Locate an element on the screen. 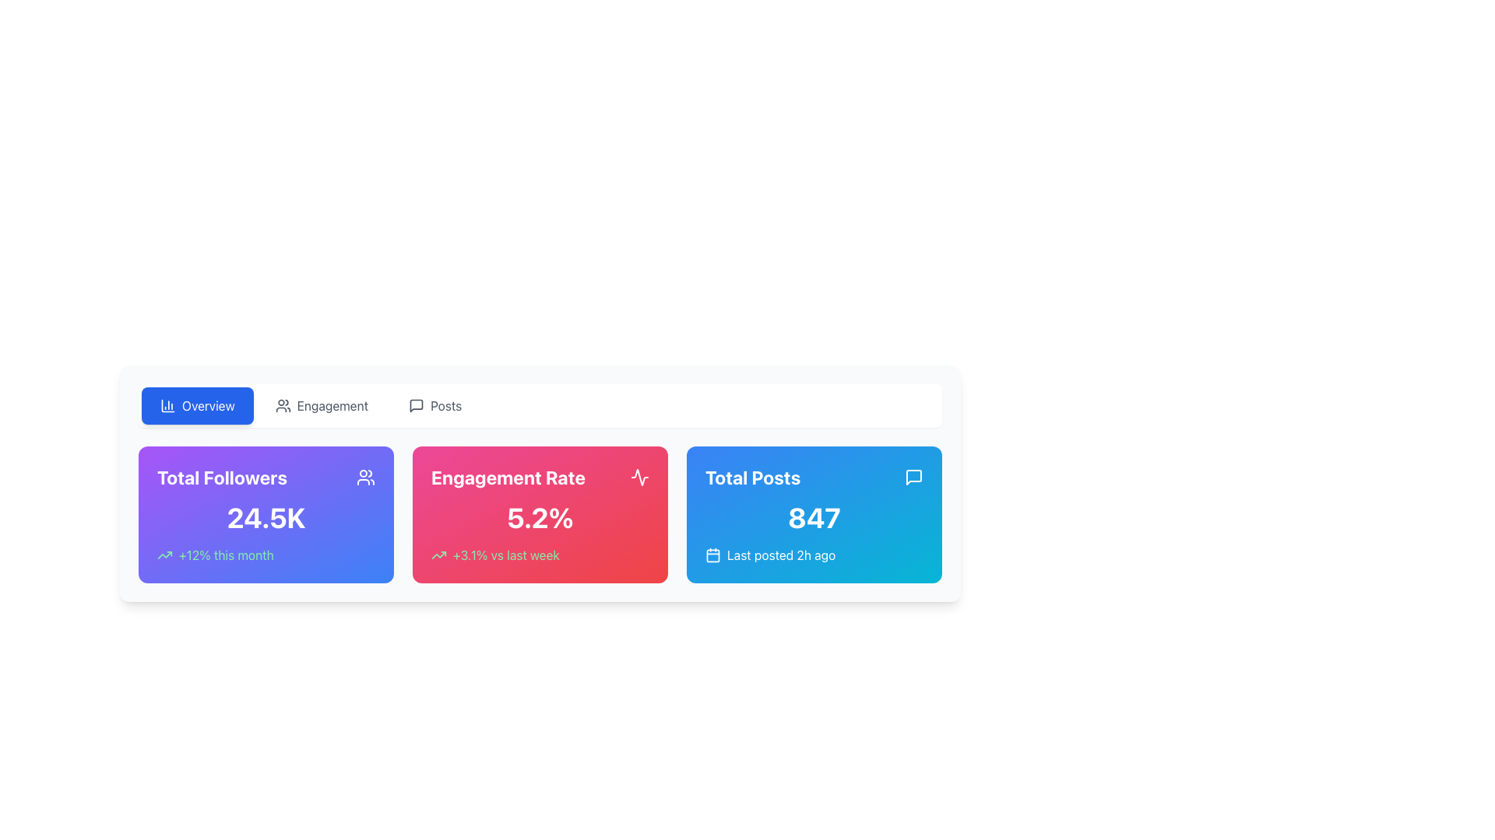 The width and height of the screenshot is (1495, 840). text of the label that contextualizes the total number of posts, located above the numerical statistic in a card-like section on the right end of the row is located at coordinates (753, 476).